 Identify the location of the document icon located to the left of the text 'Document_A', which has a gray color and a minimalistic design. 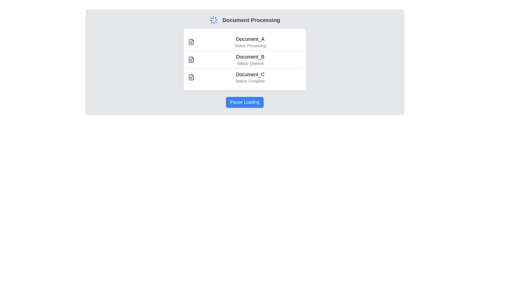
(191, 42).